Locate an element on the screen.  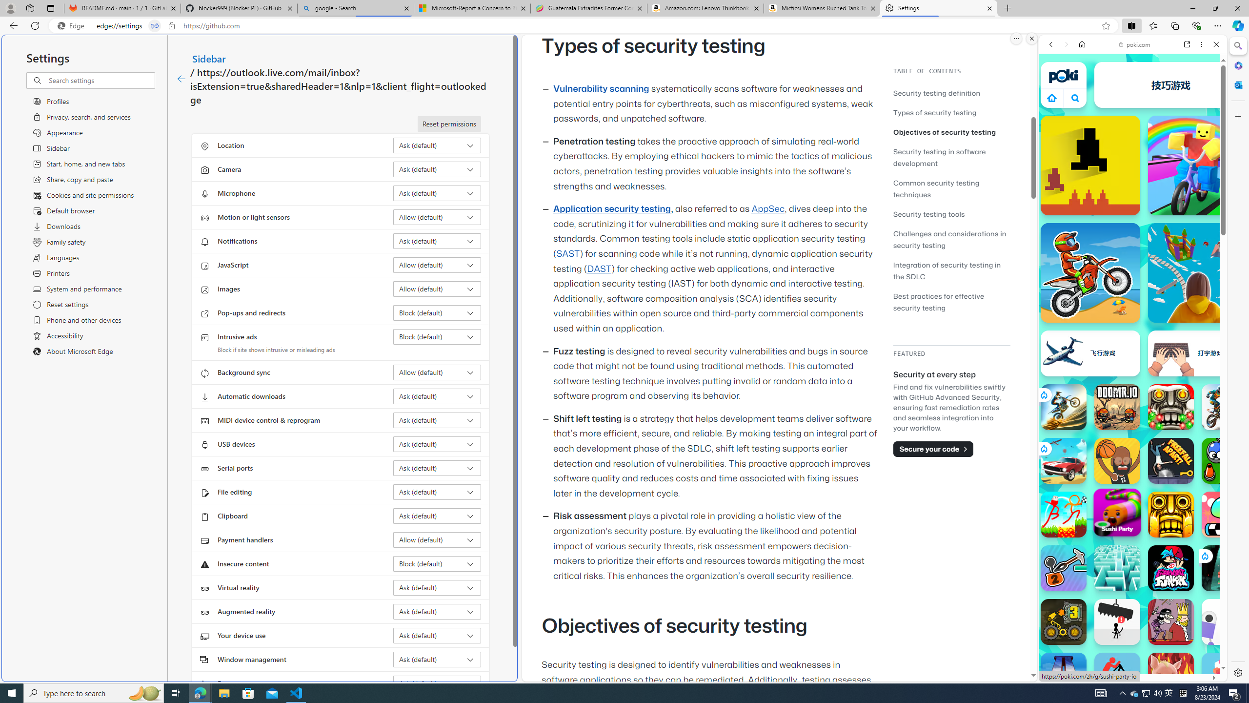
'Sidebar' is located at coordinates (209, 58).